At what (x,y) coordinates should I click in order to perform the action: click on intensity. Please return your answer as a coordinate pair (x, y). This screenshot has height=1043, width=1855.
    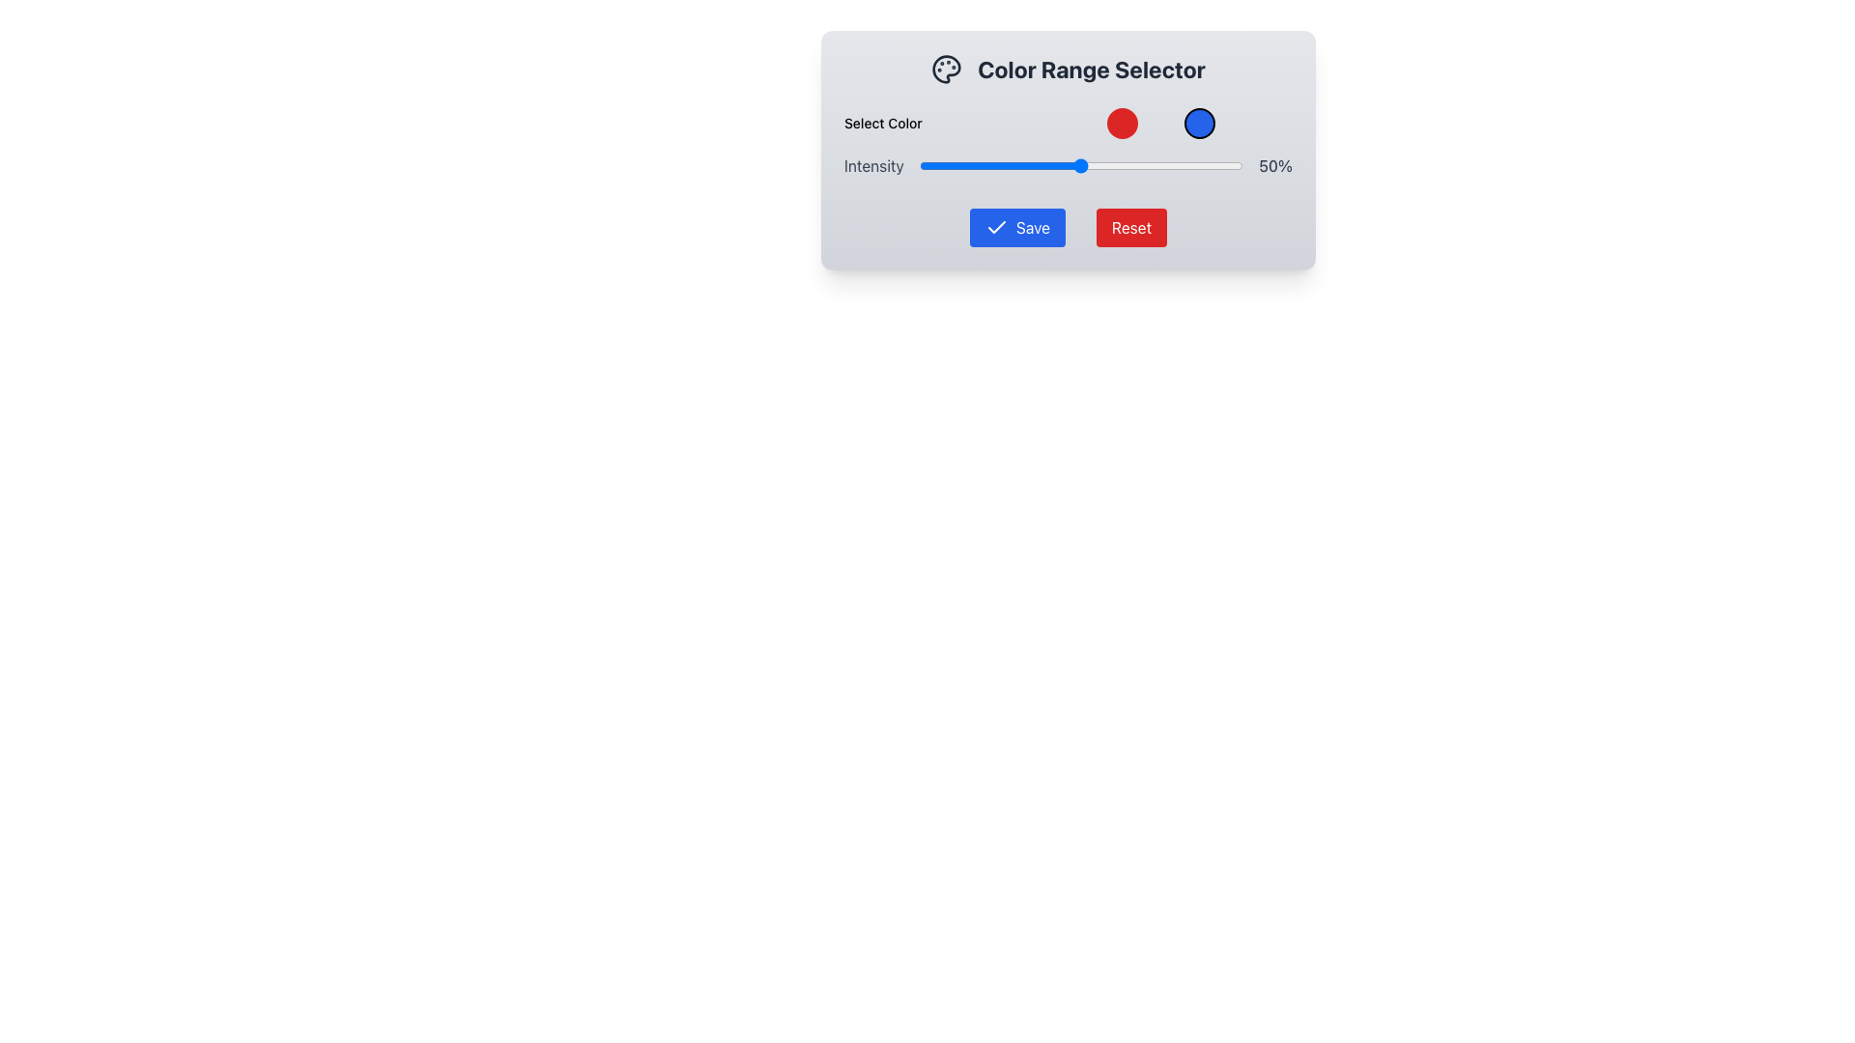
    Looking at the image, I should click on (1156, 165).